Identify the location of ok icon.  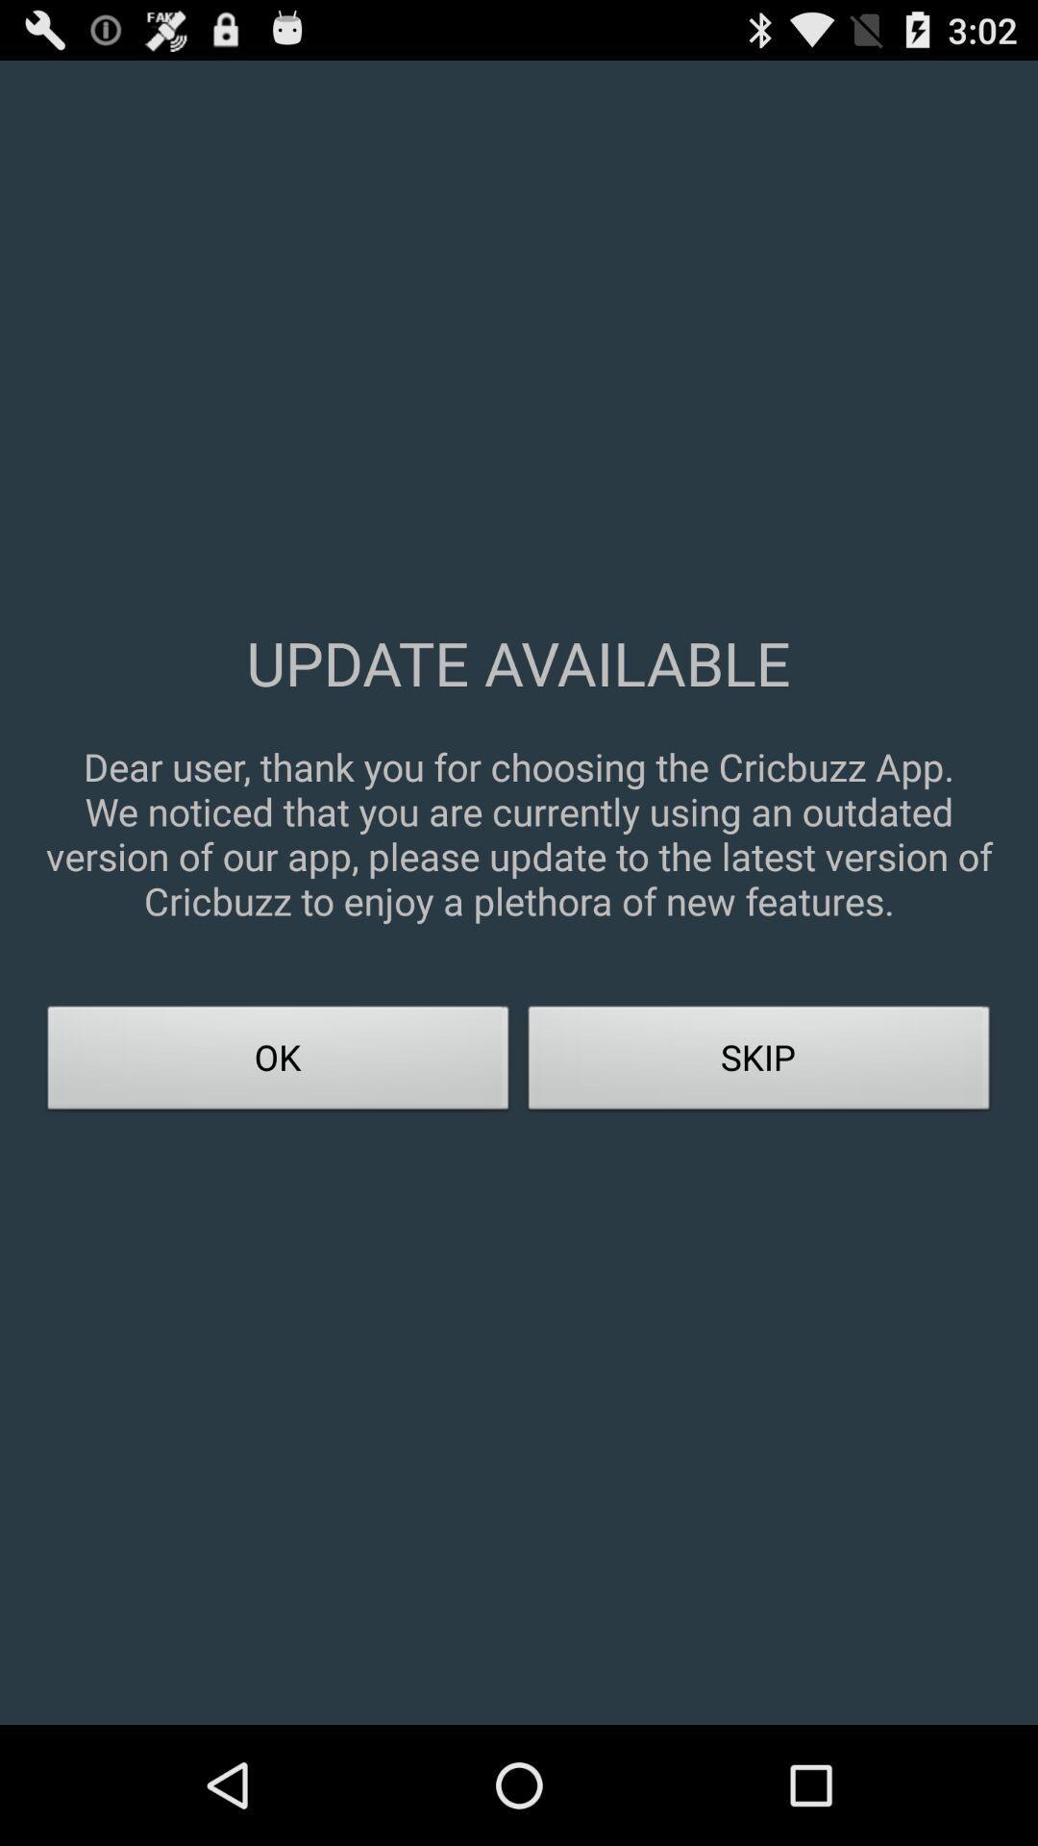
(278, 1062).